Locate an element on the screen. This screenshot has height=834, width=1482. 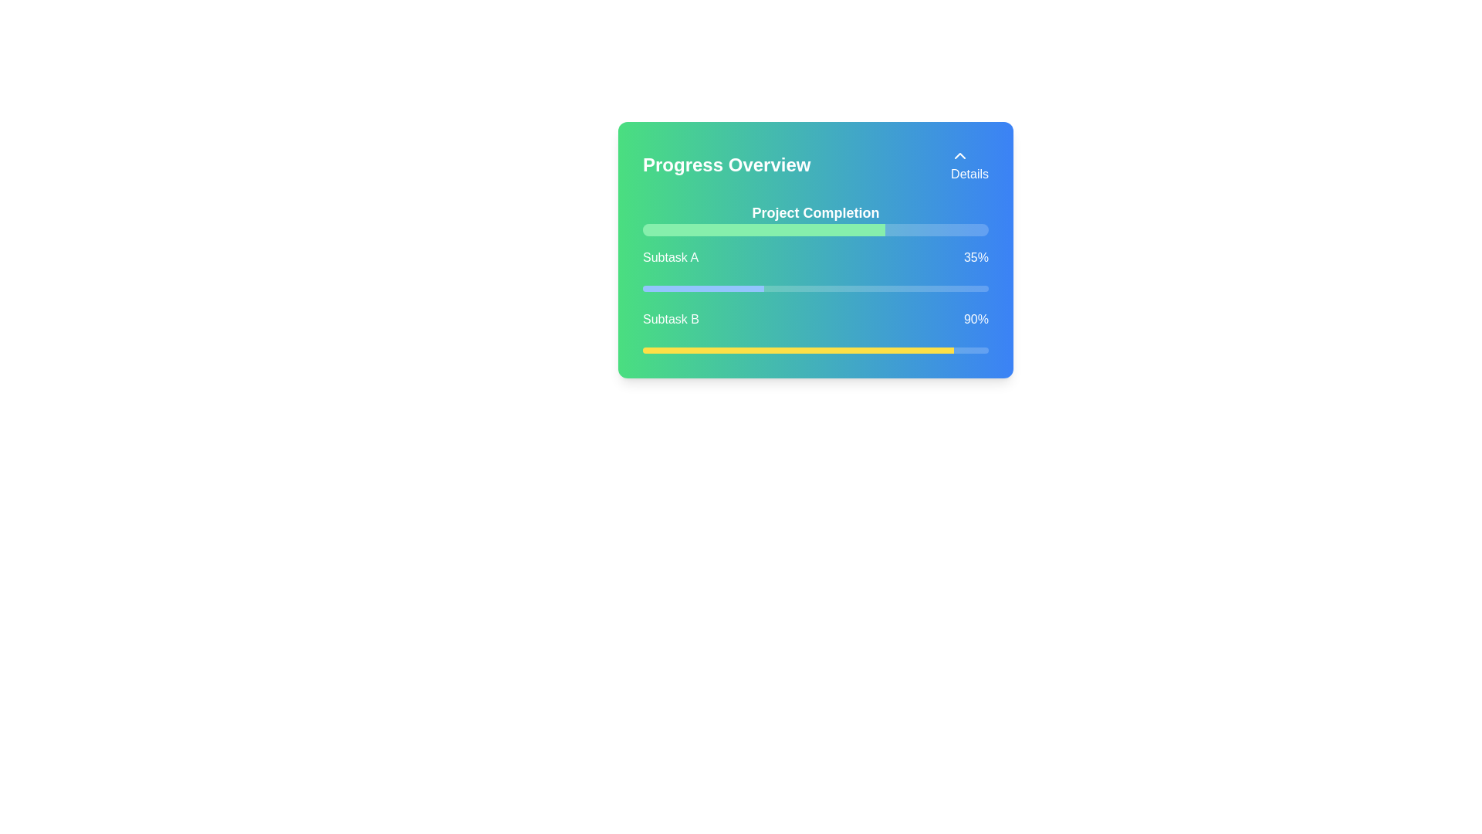
the 'Project Completion' label, which is displayed in bold white font on a gradient background, located at the top-center of a progress overview card is located at coordinates (814, 213).